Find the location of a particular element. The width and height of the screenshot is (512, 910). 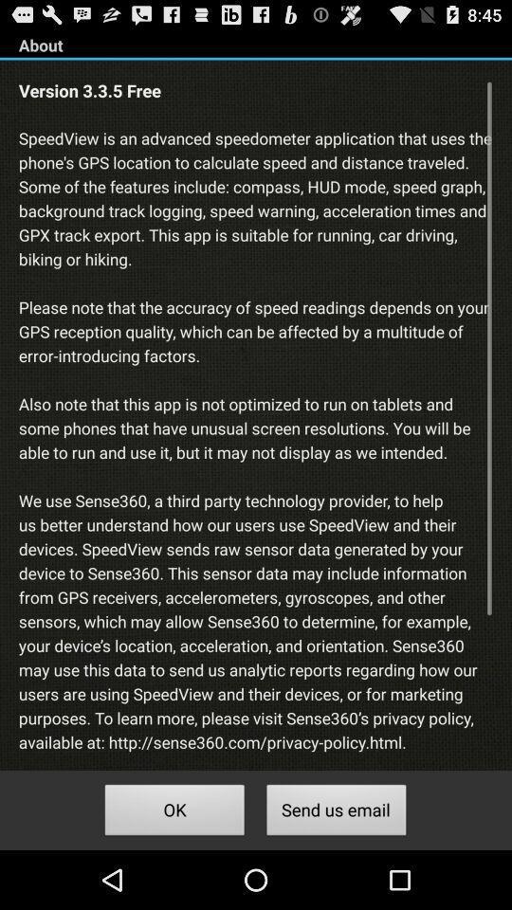

button next to the ok icon is located at coordinates (336, 811).